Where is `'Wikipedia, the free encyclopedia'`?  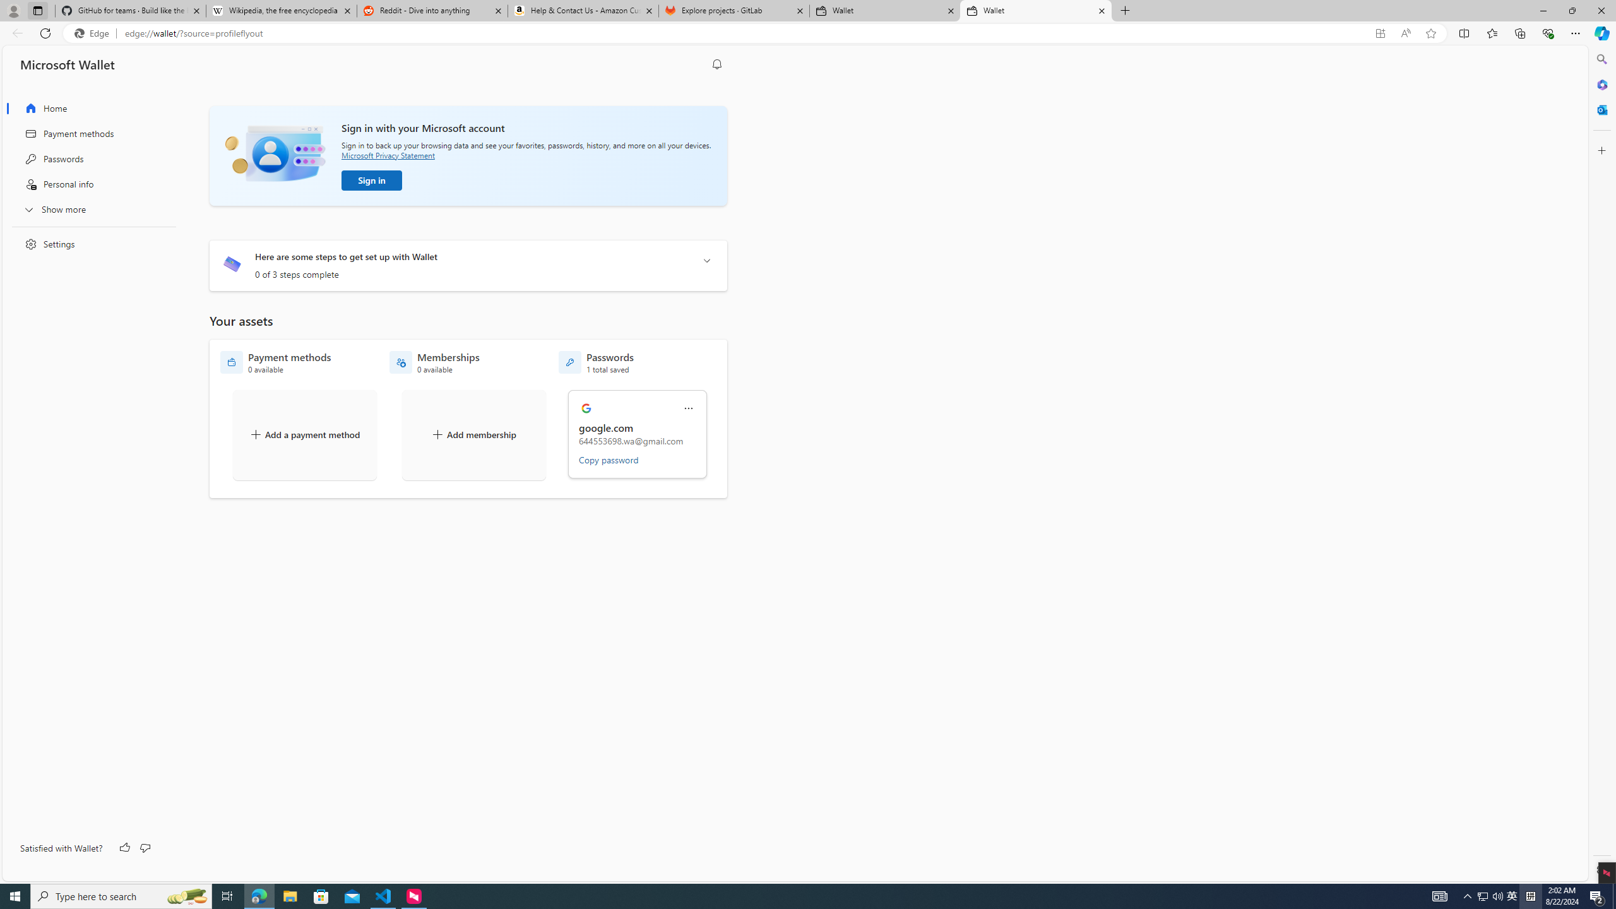 'Wikipedia, the free encyclopedia' is located at coordinates (280, 10).